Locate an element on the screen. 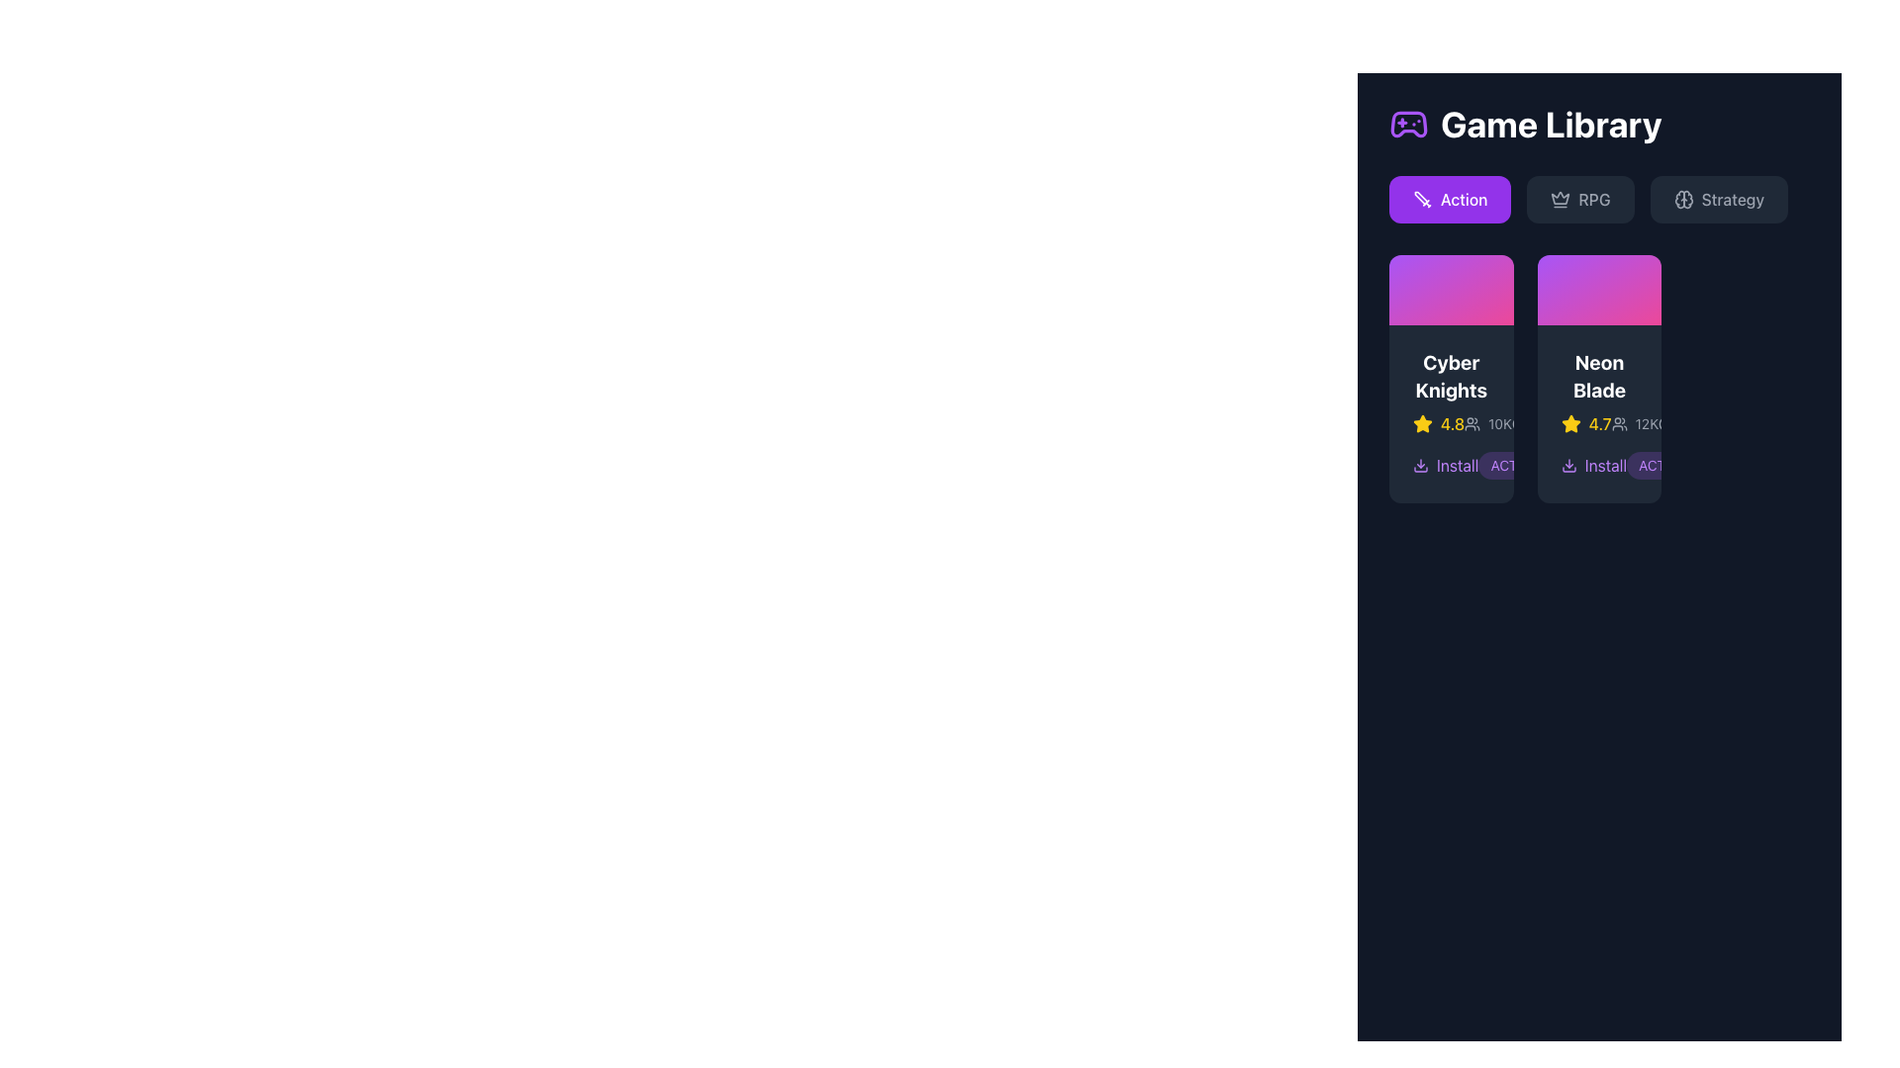 This screenshot has height=1068, width=1900. the button styled as text for installing the game 'Neon Blade', located within the second card beneath the rating and next to the download icon is located at coordinates (1605, 465).